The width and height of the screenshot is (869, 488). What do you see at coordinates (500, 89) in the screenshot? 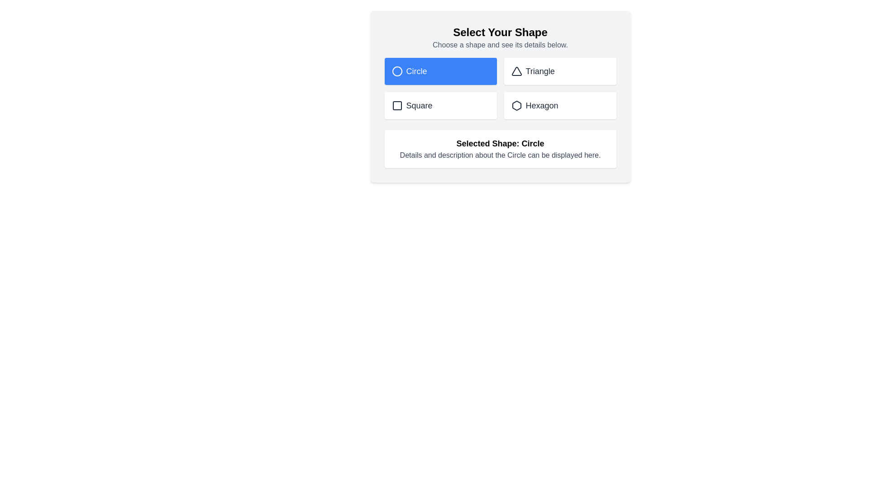
I see `the Circle button within the centrally positioned grid layout containing shape selection buttons` at bounding box center [500, 89].